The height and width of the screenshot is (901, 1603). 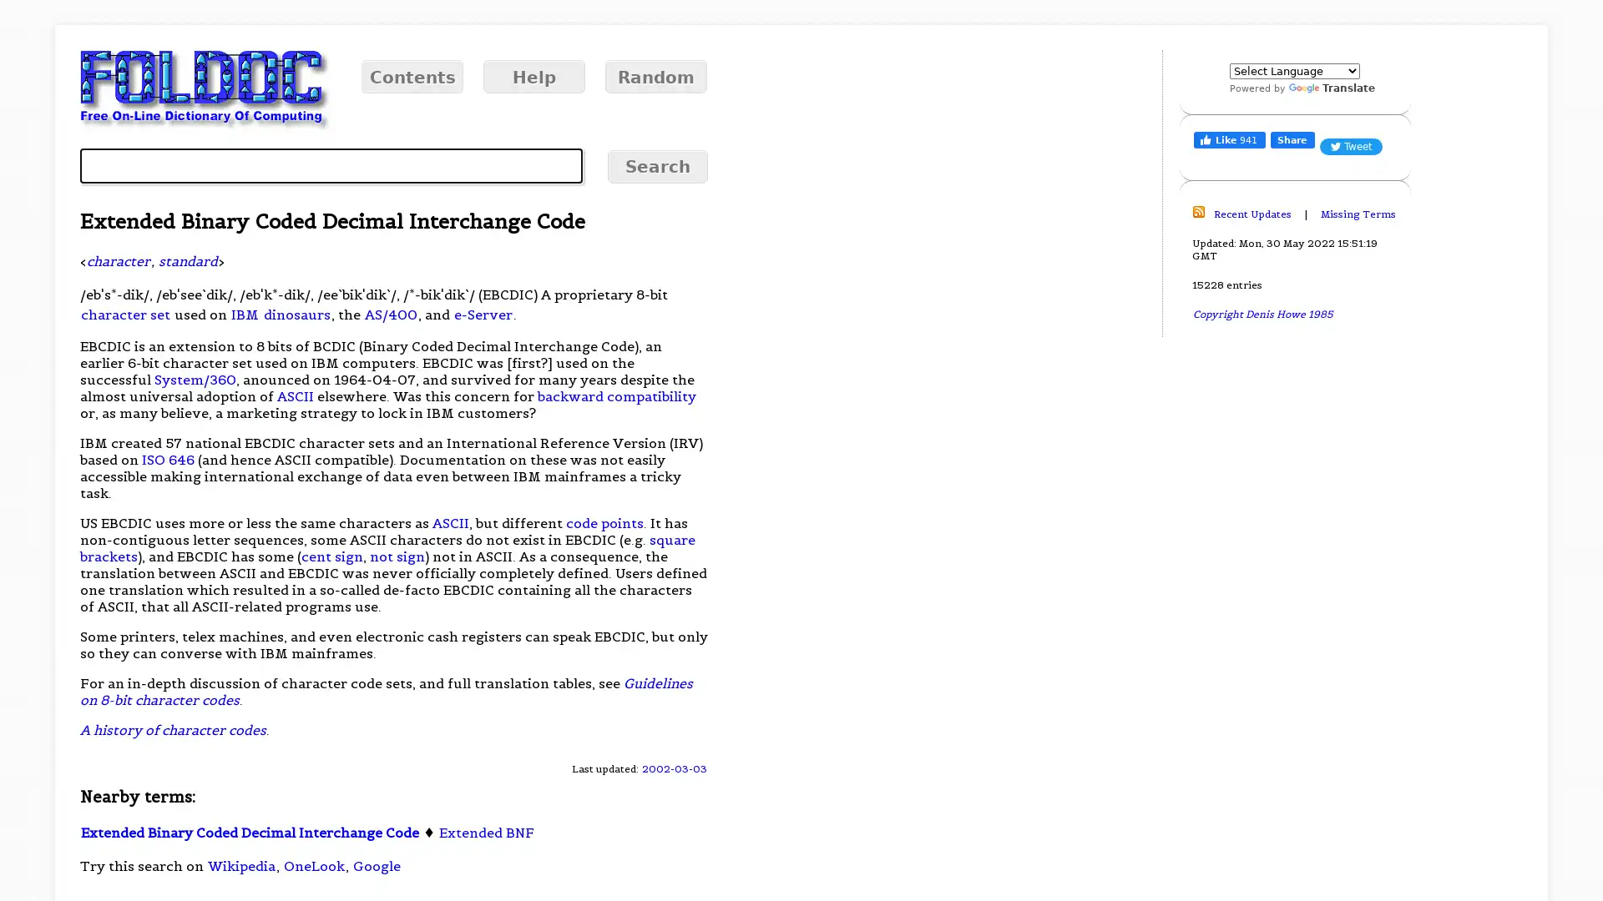 What do you see at coordinates (656, 167) in the screenshot?
I see `Search` at bounding box center [656, 167].